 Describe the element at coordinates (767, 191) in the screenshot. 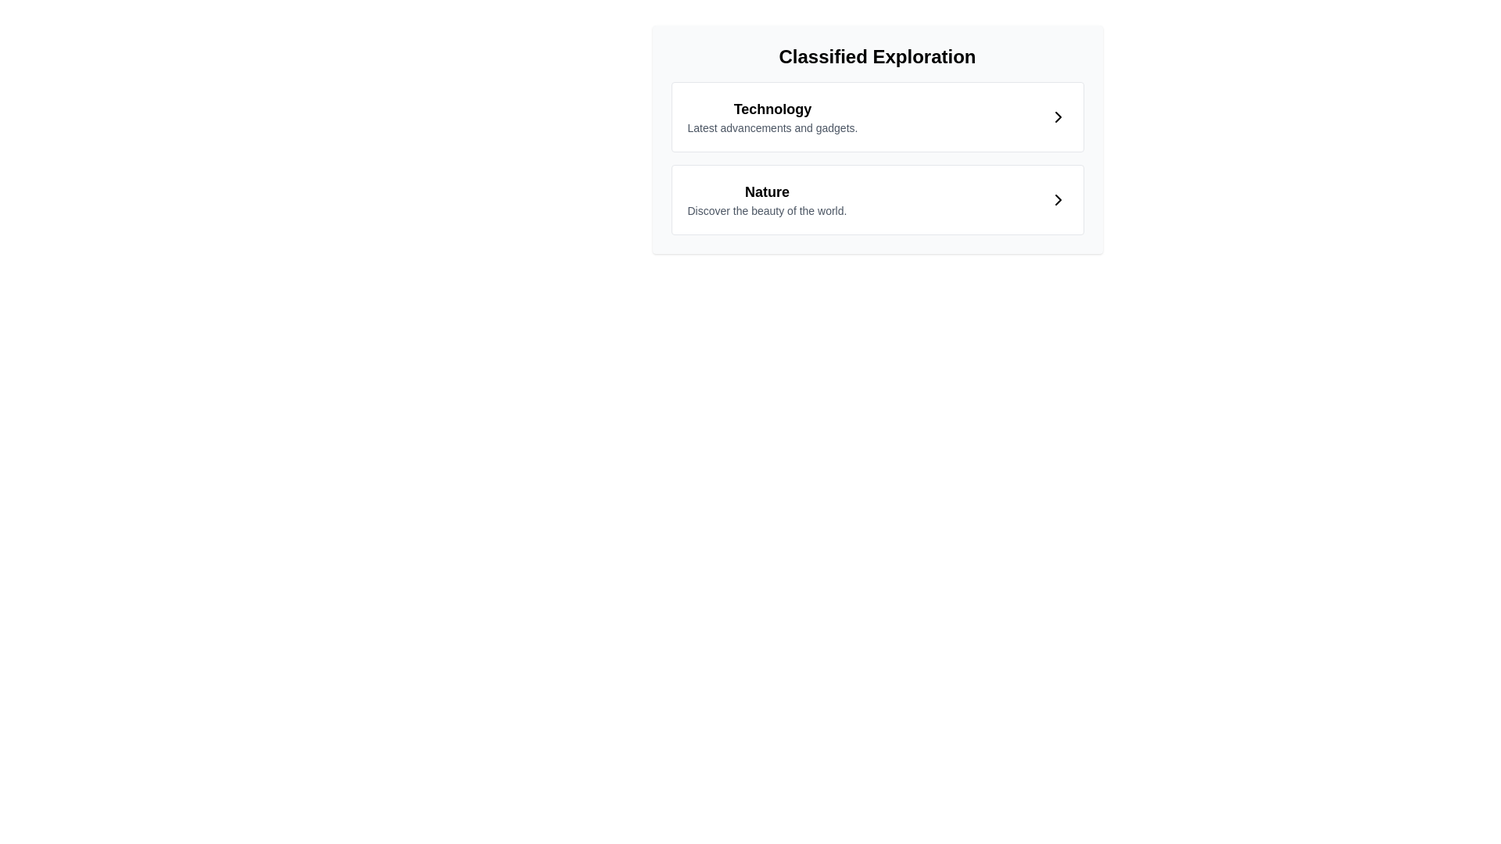

I see `the heading element indicating the 'Nature' category, which is centrally placed above the descriptive text 'Discover the beauty of the world.'` at that location.